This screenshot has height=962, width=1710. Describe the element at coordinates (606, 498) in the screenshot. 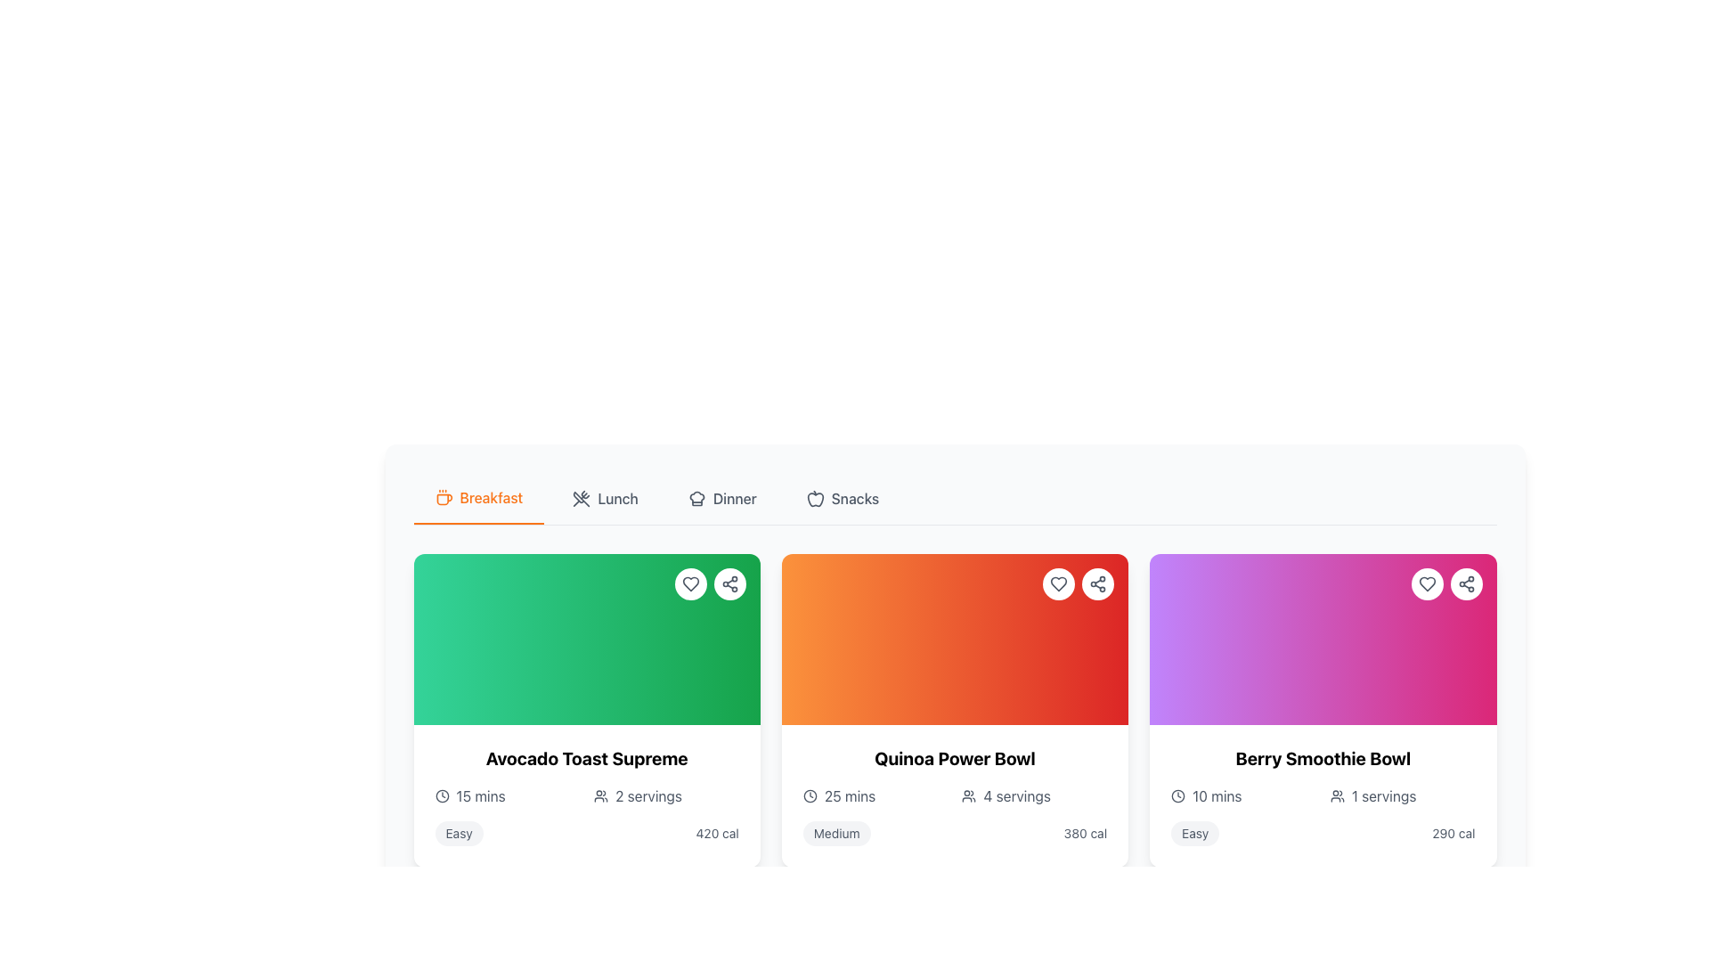

I see `the 'Lunch' navigation button, which is the second item in a horizontal navigation bar` at that location.